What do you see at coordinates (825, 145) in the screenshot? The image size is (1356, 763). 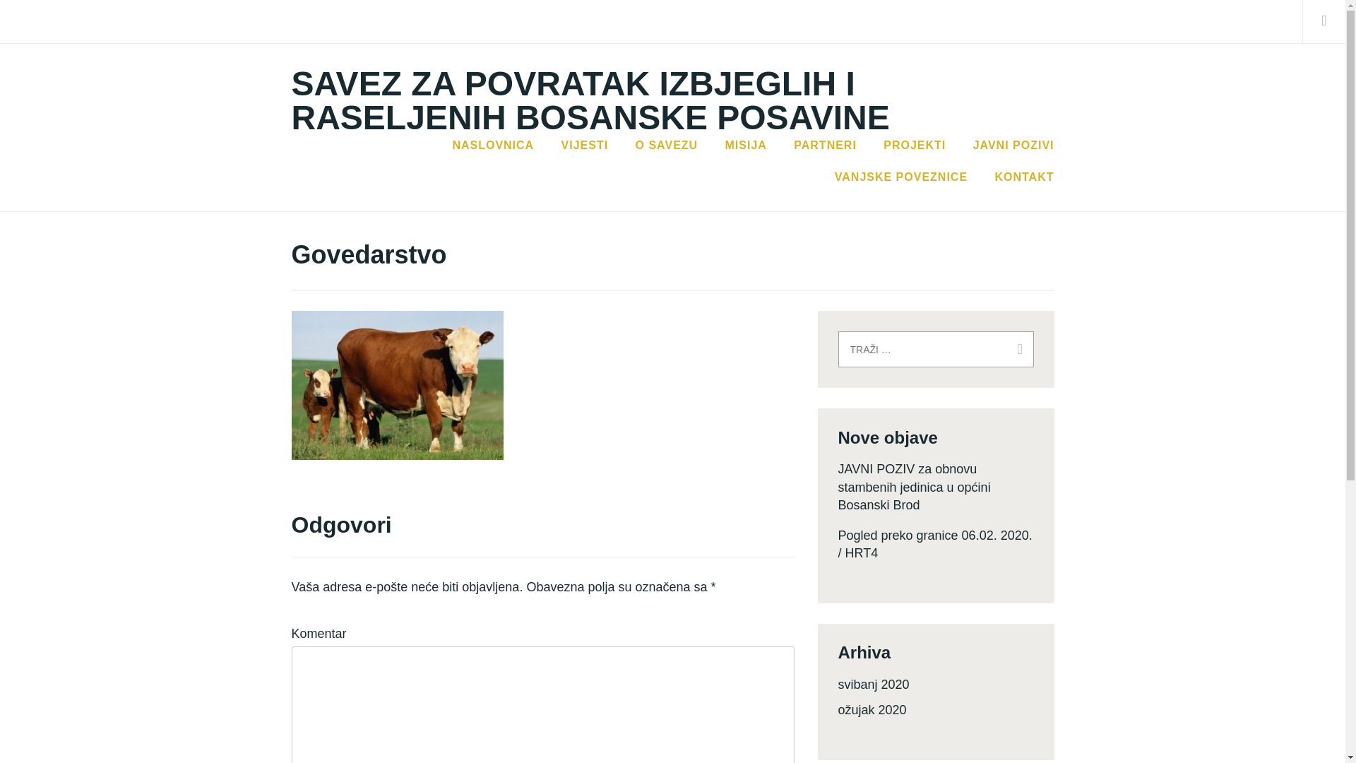 I see `'PARTNERI'` at bounding box center [825, 145].